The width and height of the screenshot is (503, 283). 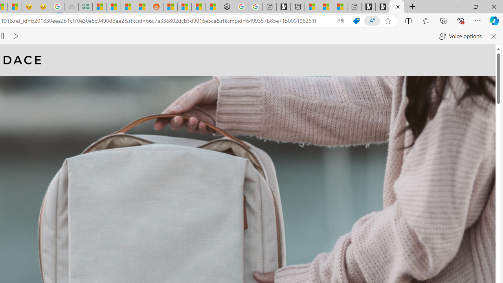 What do you see at coordinates (16, 36) in the screenshot?
I see `'Read next paragraph'` at bounding box center [16, 36].